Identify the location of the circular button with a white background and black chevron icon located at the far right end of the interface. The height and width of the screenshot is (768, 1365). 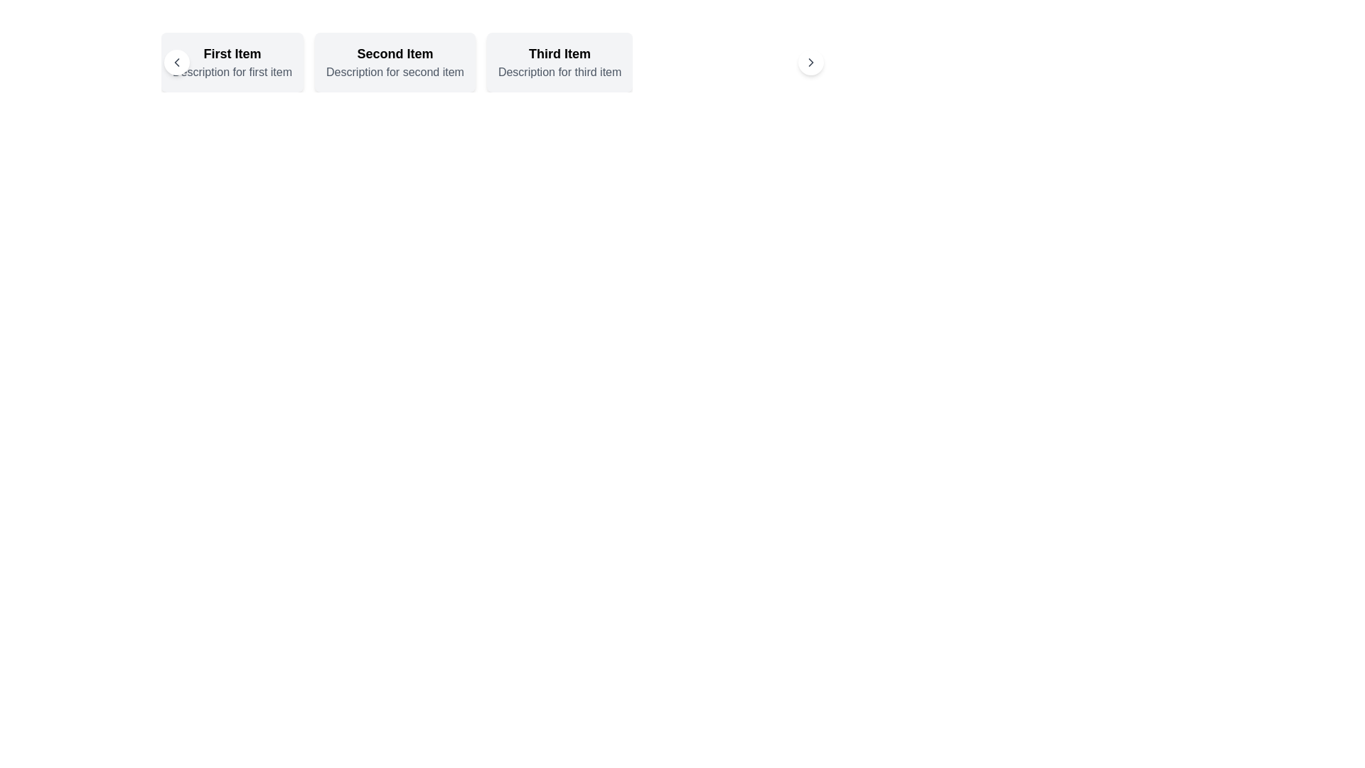
(811, 62).